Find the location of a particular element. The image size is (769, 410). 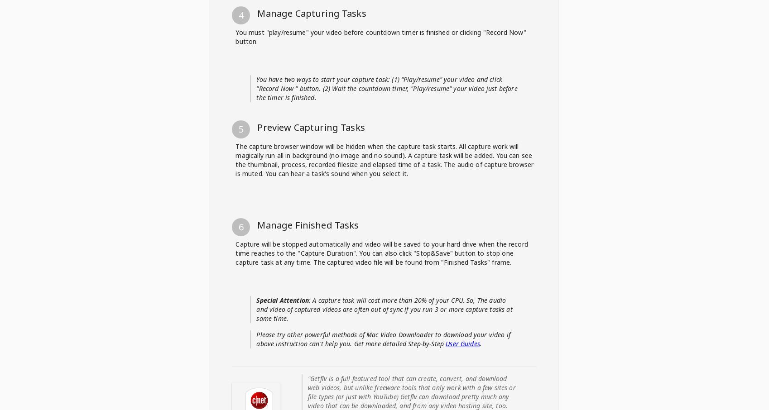

'5' is located at coordinates (240, 389).